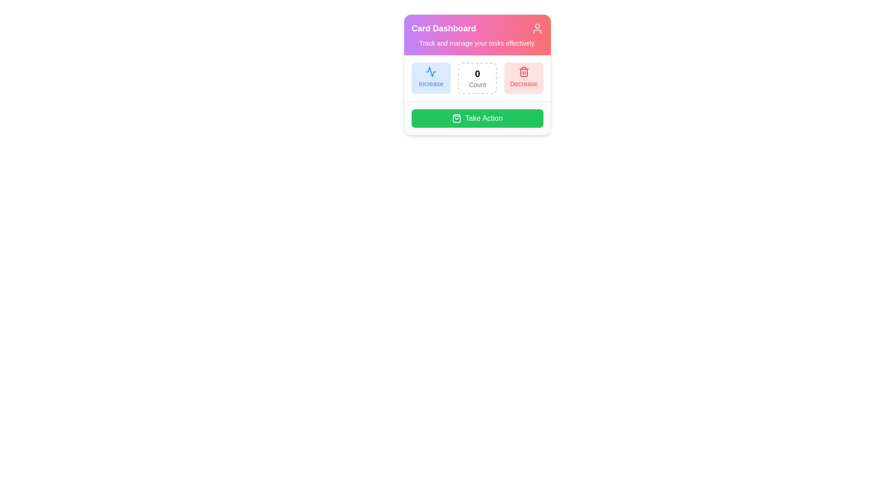 This screenshot has height=498, width=885. I want to click on the circular graphical element representing the head portion of the user icon located in the top-right corner of the interface, so click(537, 25).